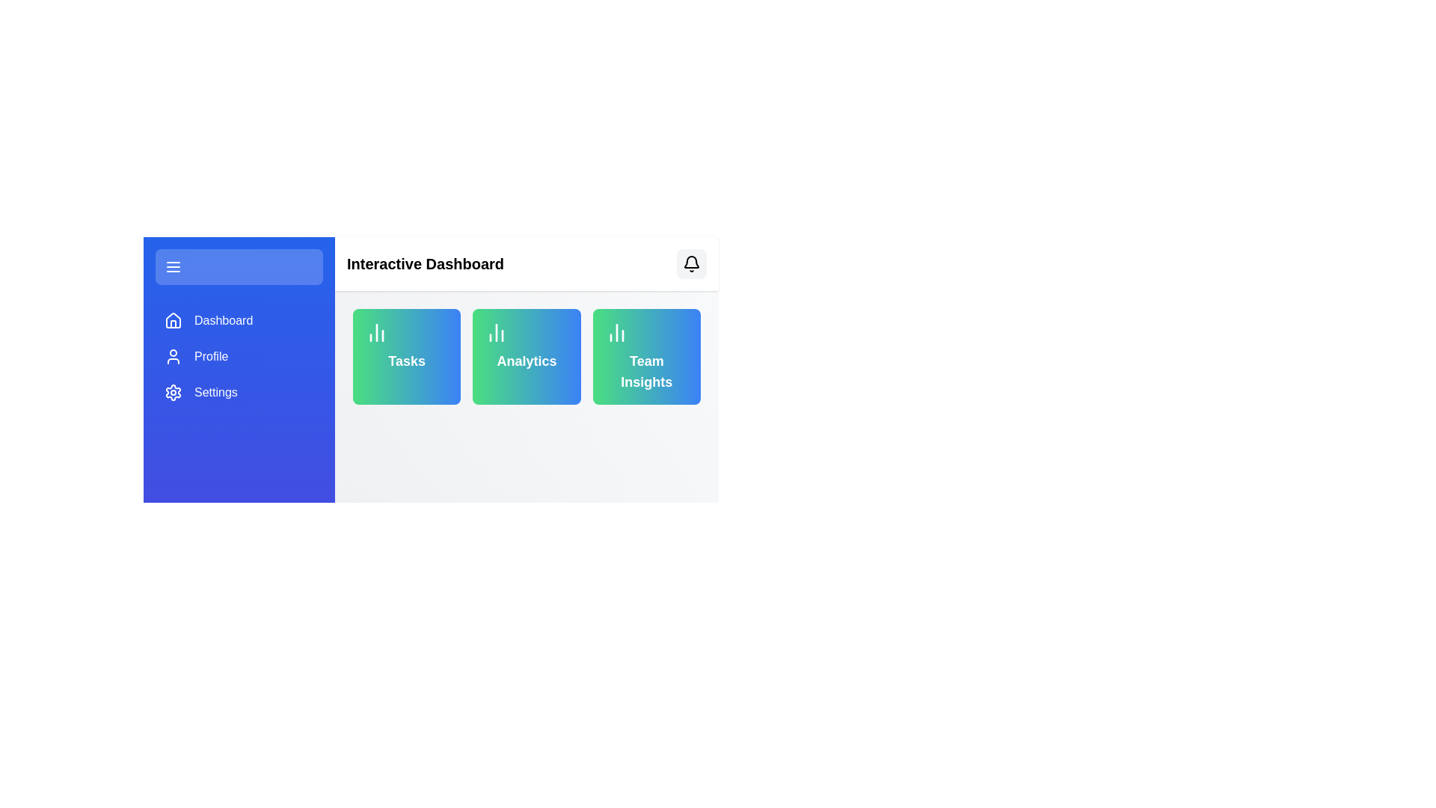 Image resolution: width=1436 pixels, height=808 pixels. I want to click on the 'Profile' text label element in the sidebar menu, so click(210, 357).